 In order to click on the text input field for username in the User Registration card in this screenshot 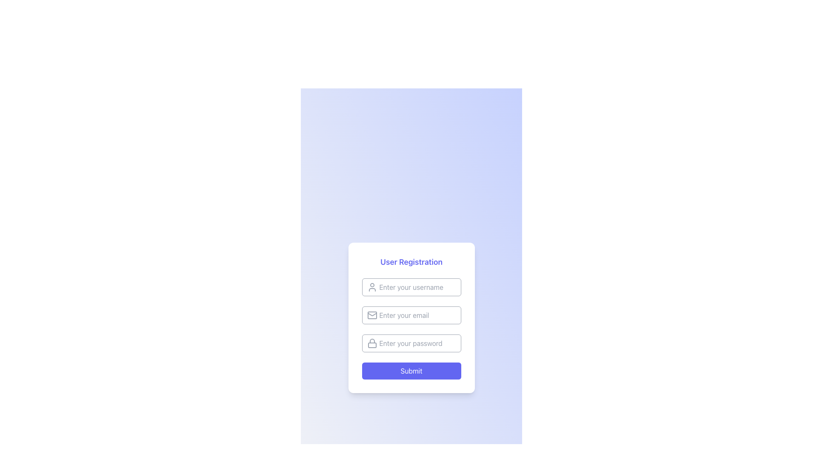, I will do `click(411, 287)`.